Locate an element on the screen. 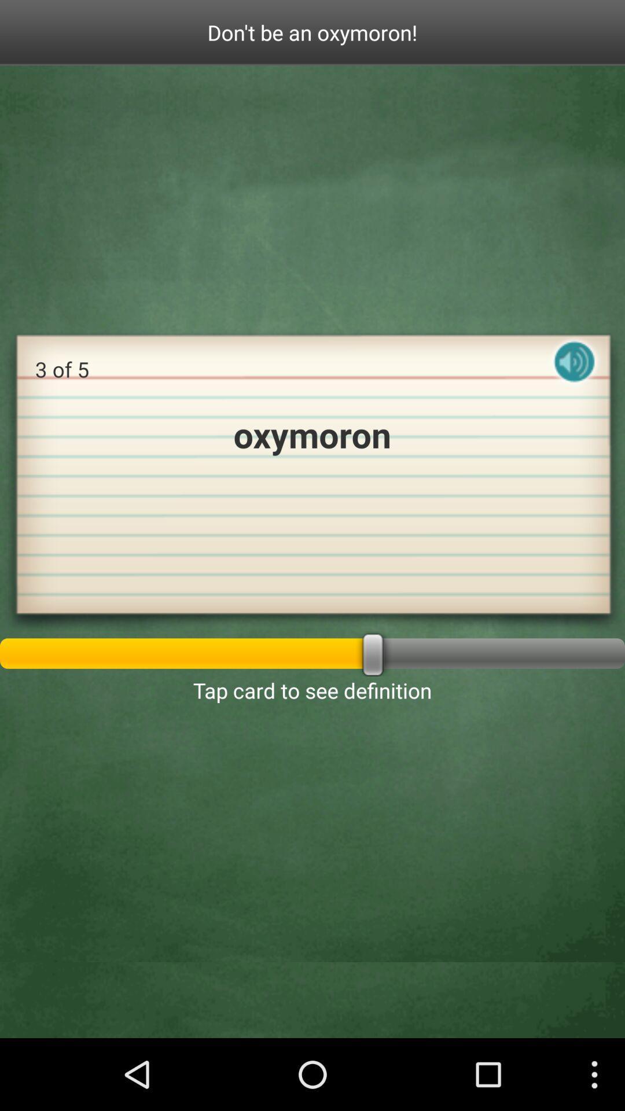 The width and height of the screenshot is (625, 1111). sound on/off is located at coordinates (574, 371).